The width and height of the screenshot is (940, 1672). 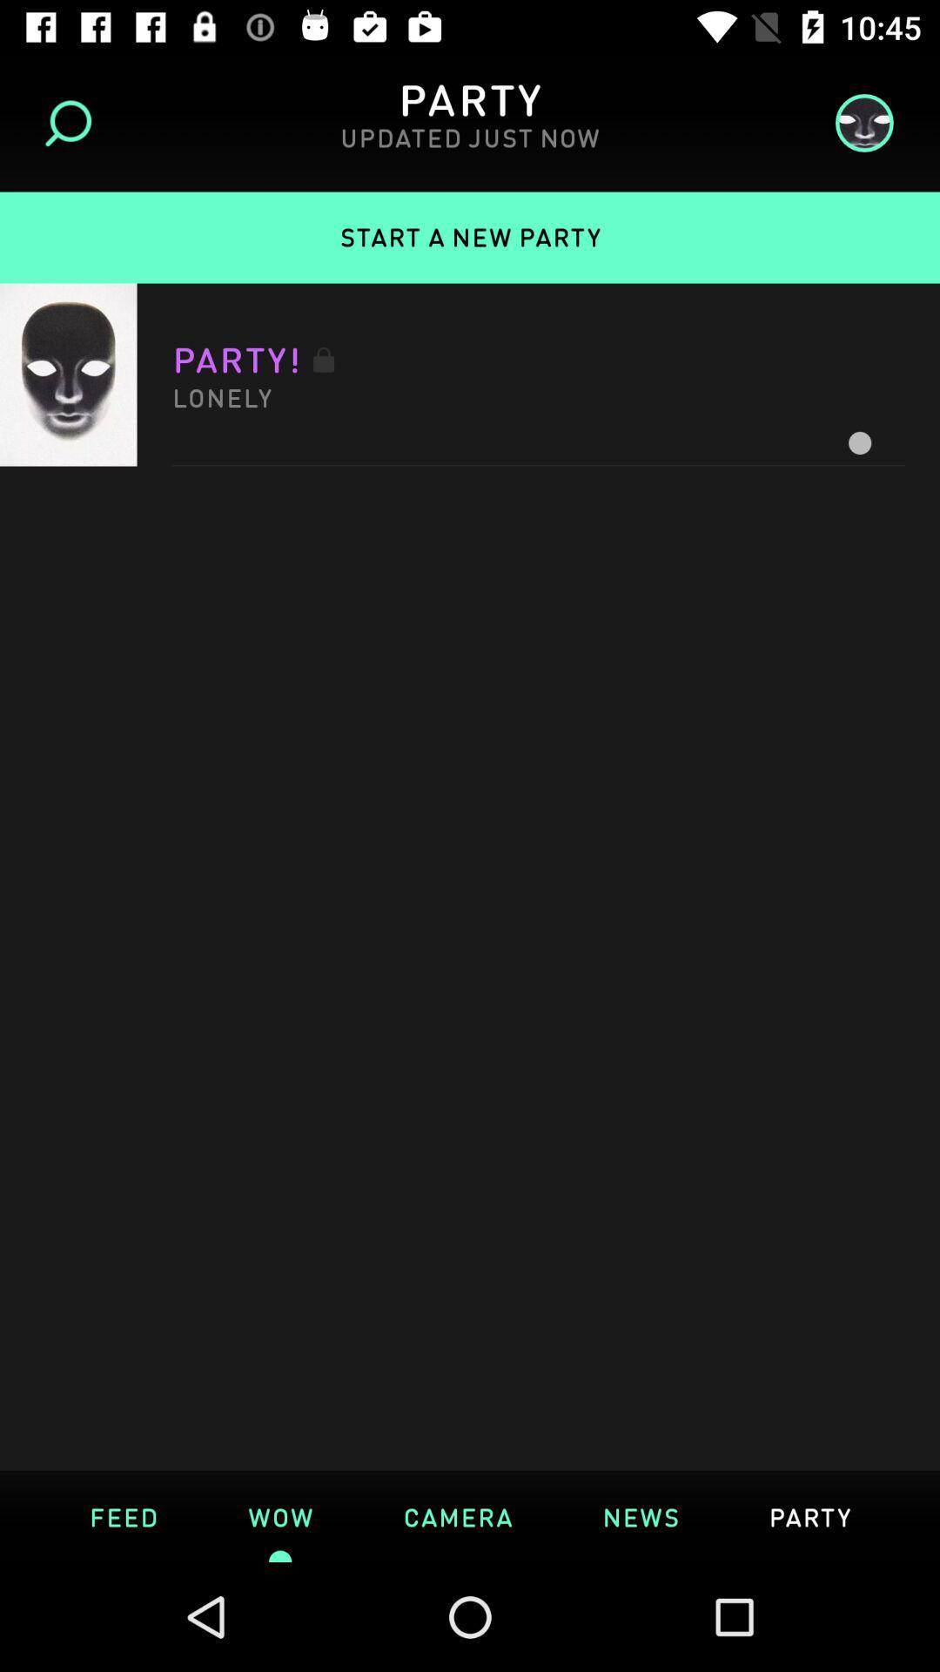 What do you see at coordinates (73, 122) in the screenshot?
I see `search` at bounding box center [73, 122].